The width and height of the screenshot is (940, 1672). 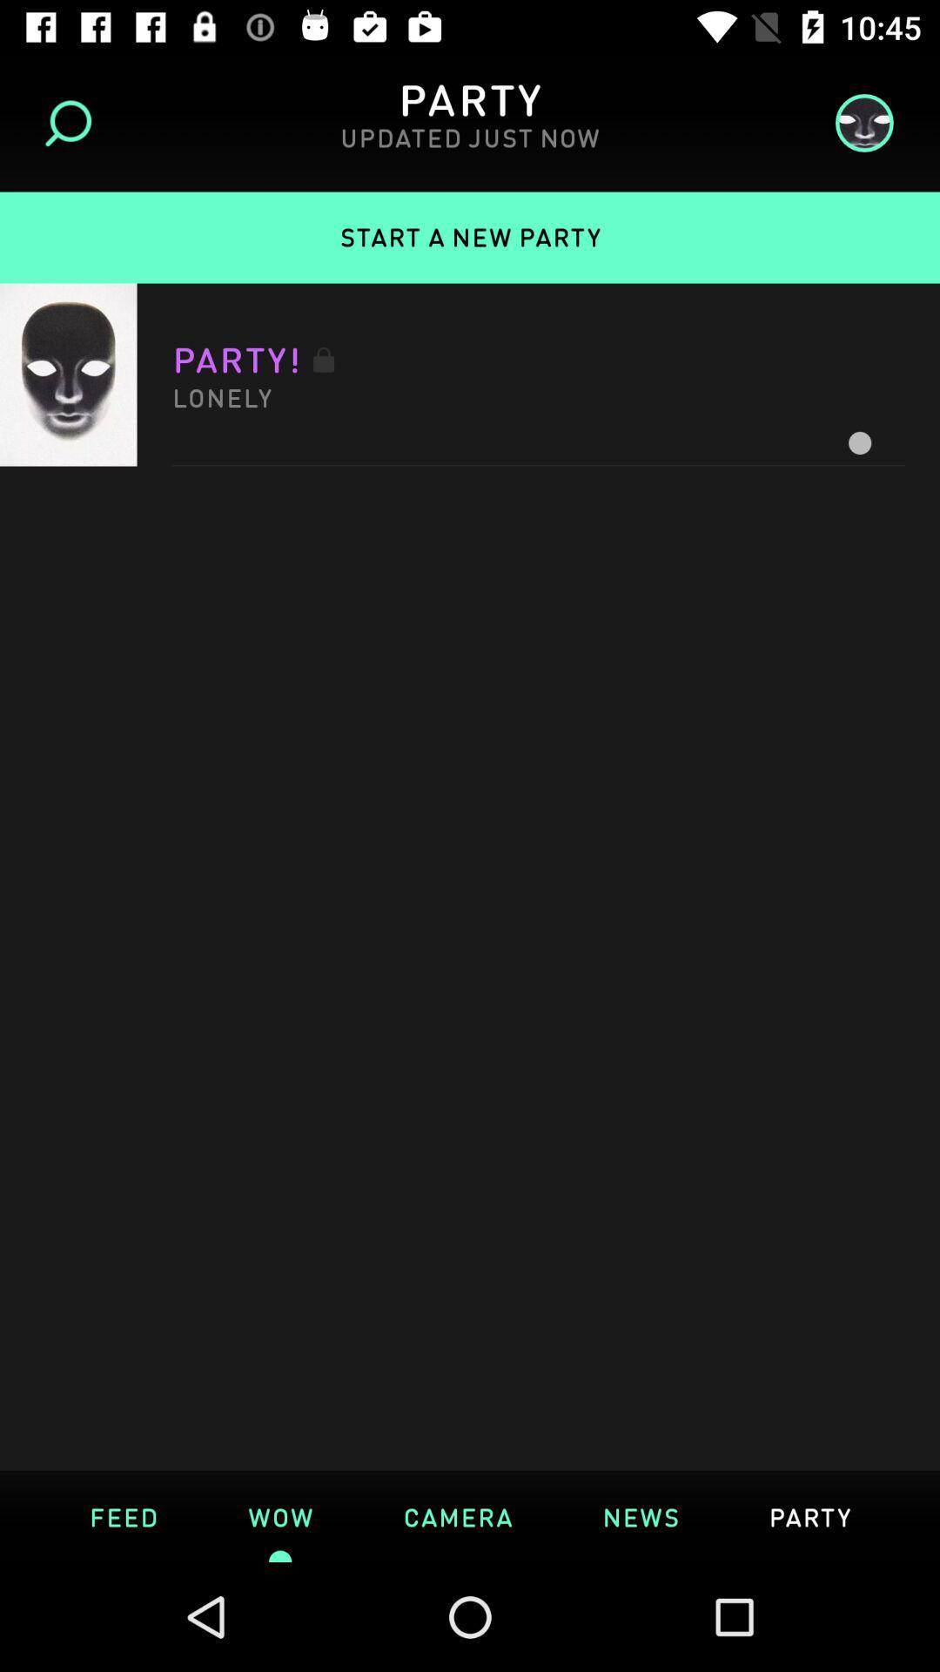 What do you see at coordinates (73, 122) in the screenshot?
I see `search` at bounding box center [73, 122].